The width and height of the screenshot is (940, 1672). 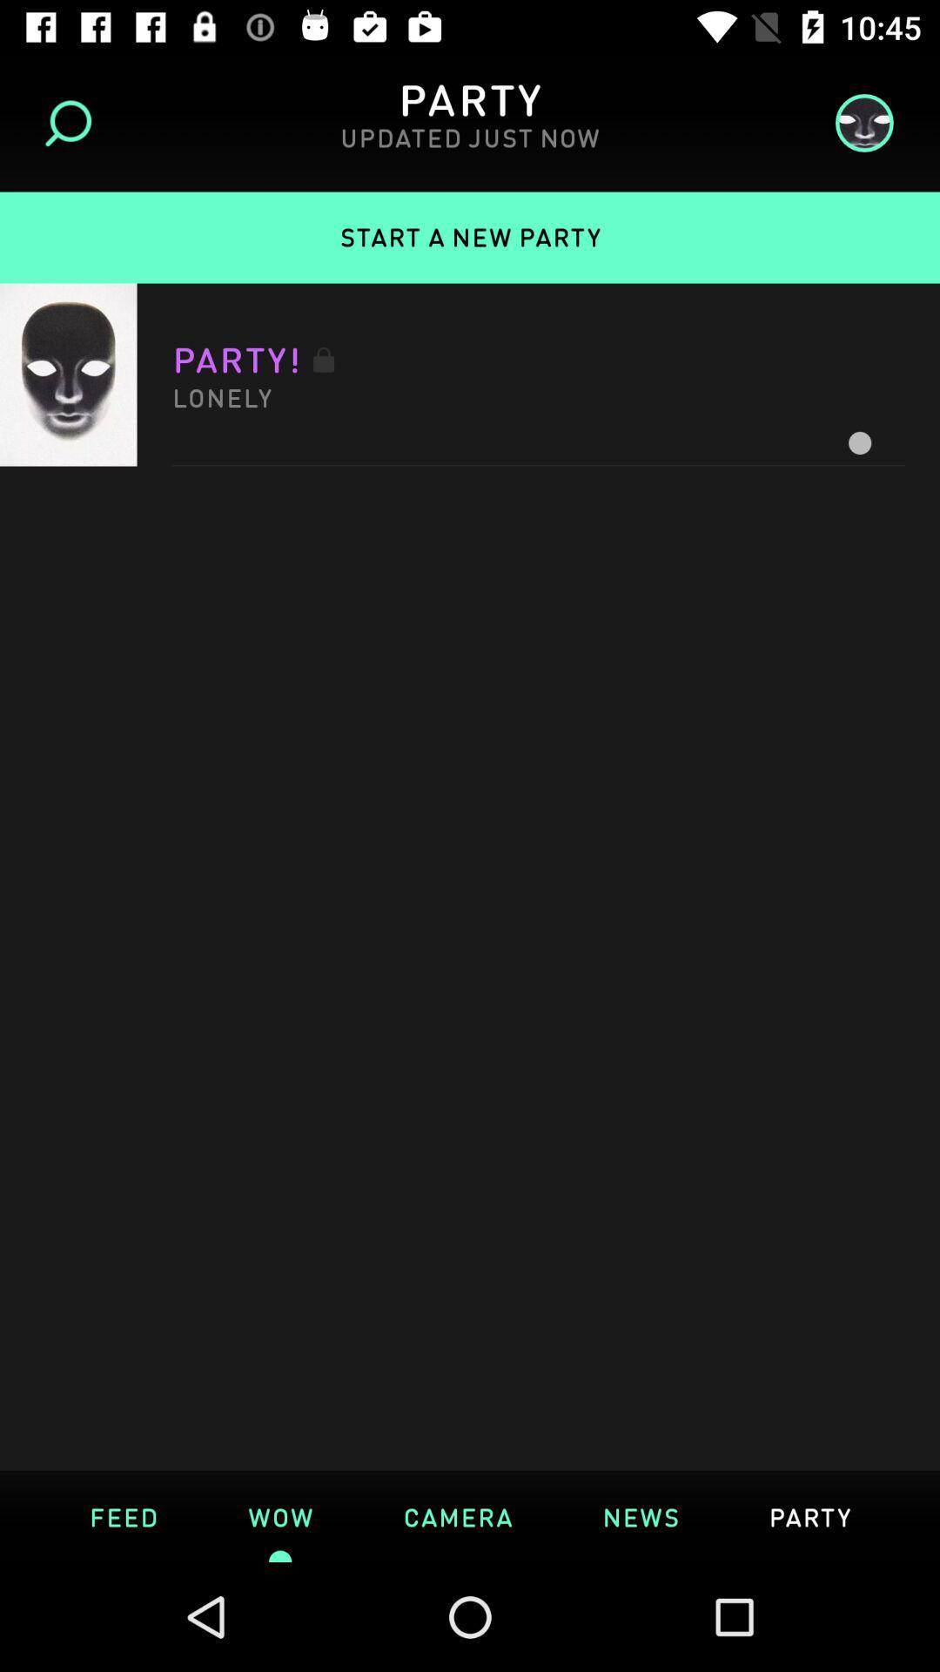 What do you see at coordinates (73, 122) in the screenshot?
I see `search` at bounding box center [73, 122].